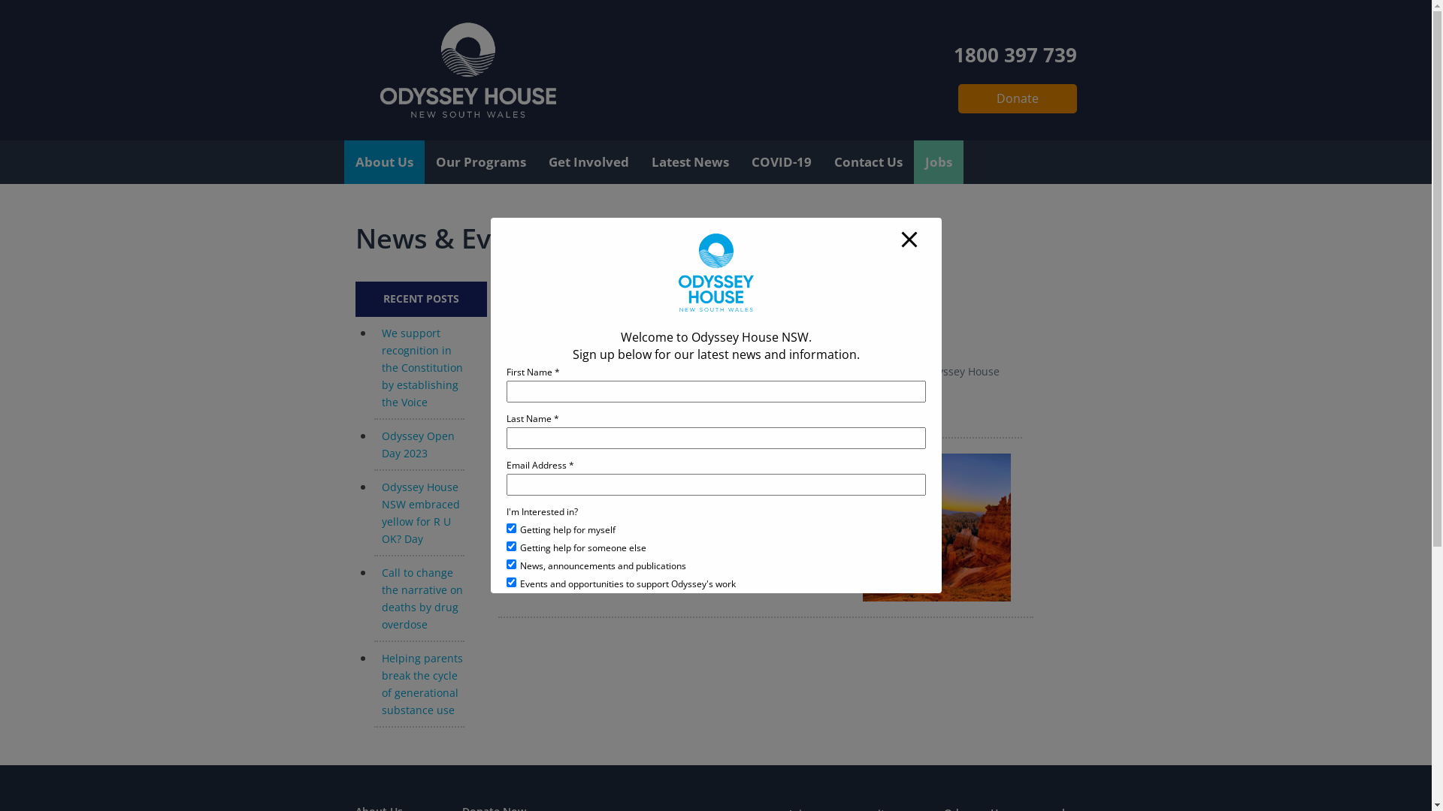 The height and width of the screenshot is (811, 1443). Describe the element at coordinates (384, 162) in the screenshot. I see `'About Us'` at that location.